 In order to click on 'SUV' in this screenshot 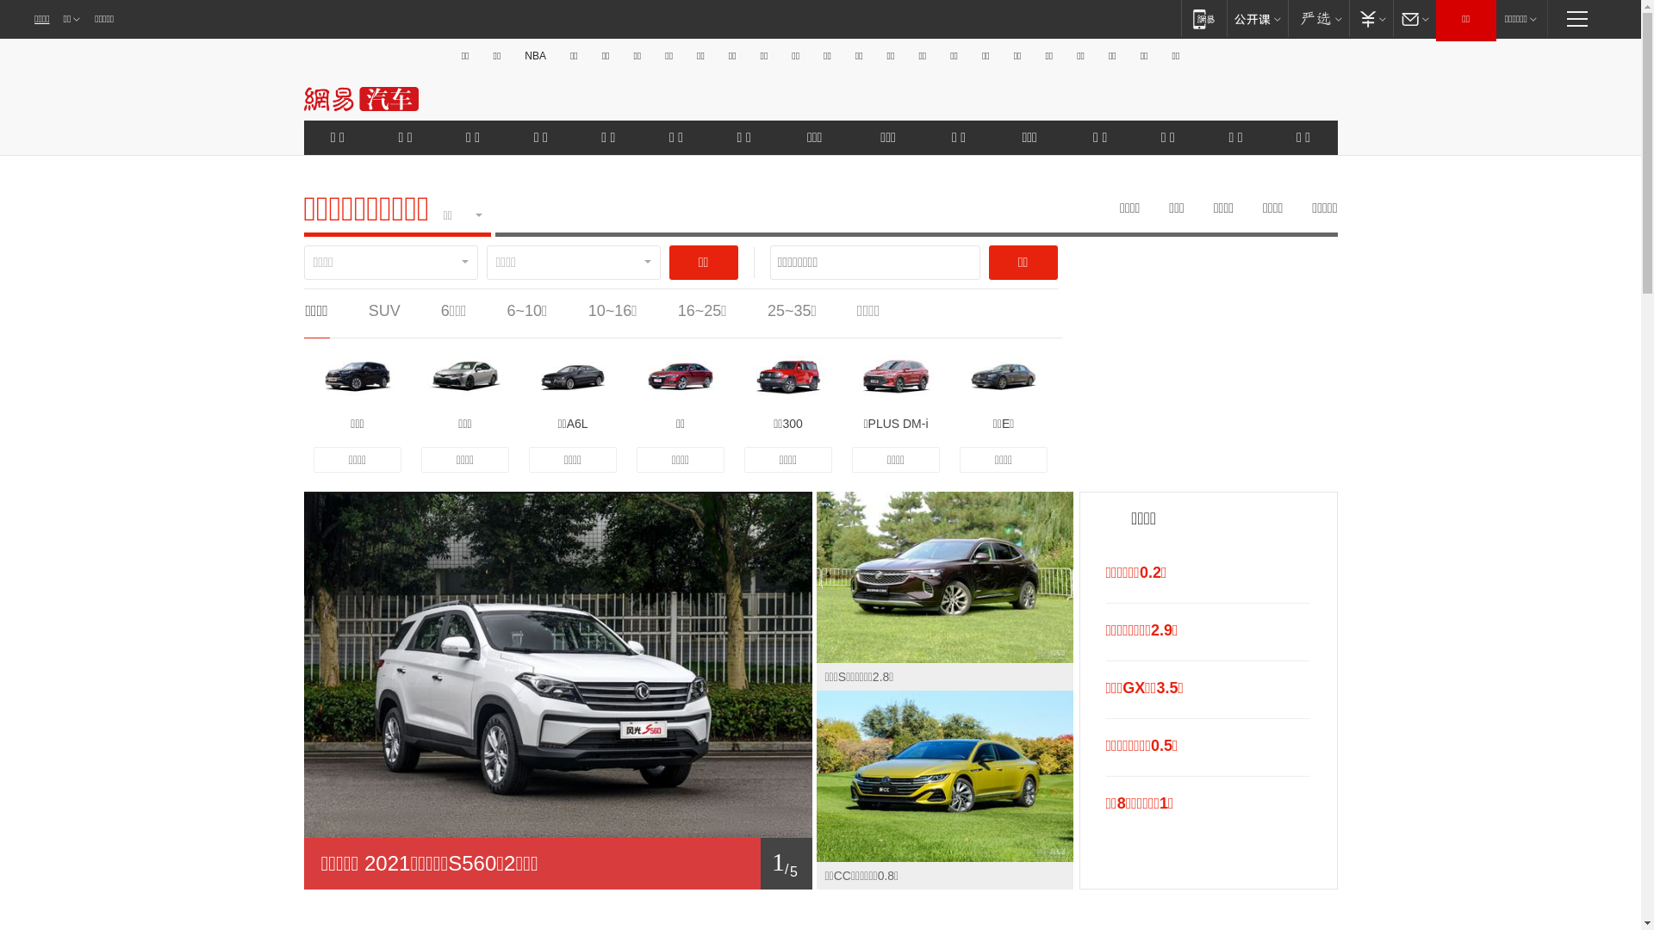, I will do `click(367, 311)`.